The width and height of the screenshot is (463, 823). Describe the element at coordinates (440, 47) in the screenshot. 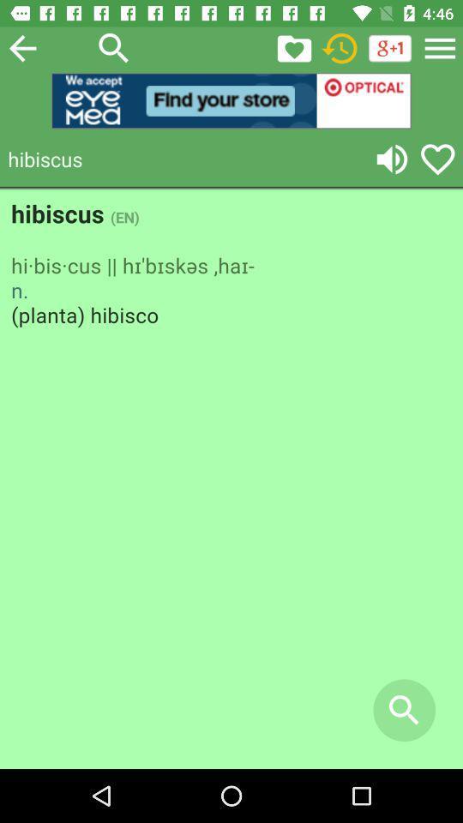

I see `the menu icon` at that location.